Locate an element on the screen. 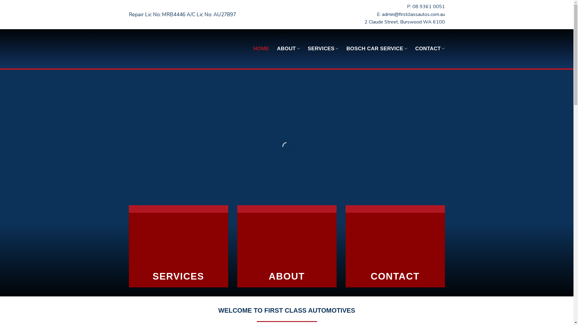 The height and width of the screenshot is (325, 578). 'SERVICES' is located at coordinates (323, 48).